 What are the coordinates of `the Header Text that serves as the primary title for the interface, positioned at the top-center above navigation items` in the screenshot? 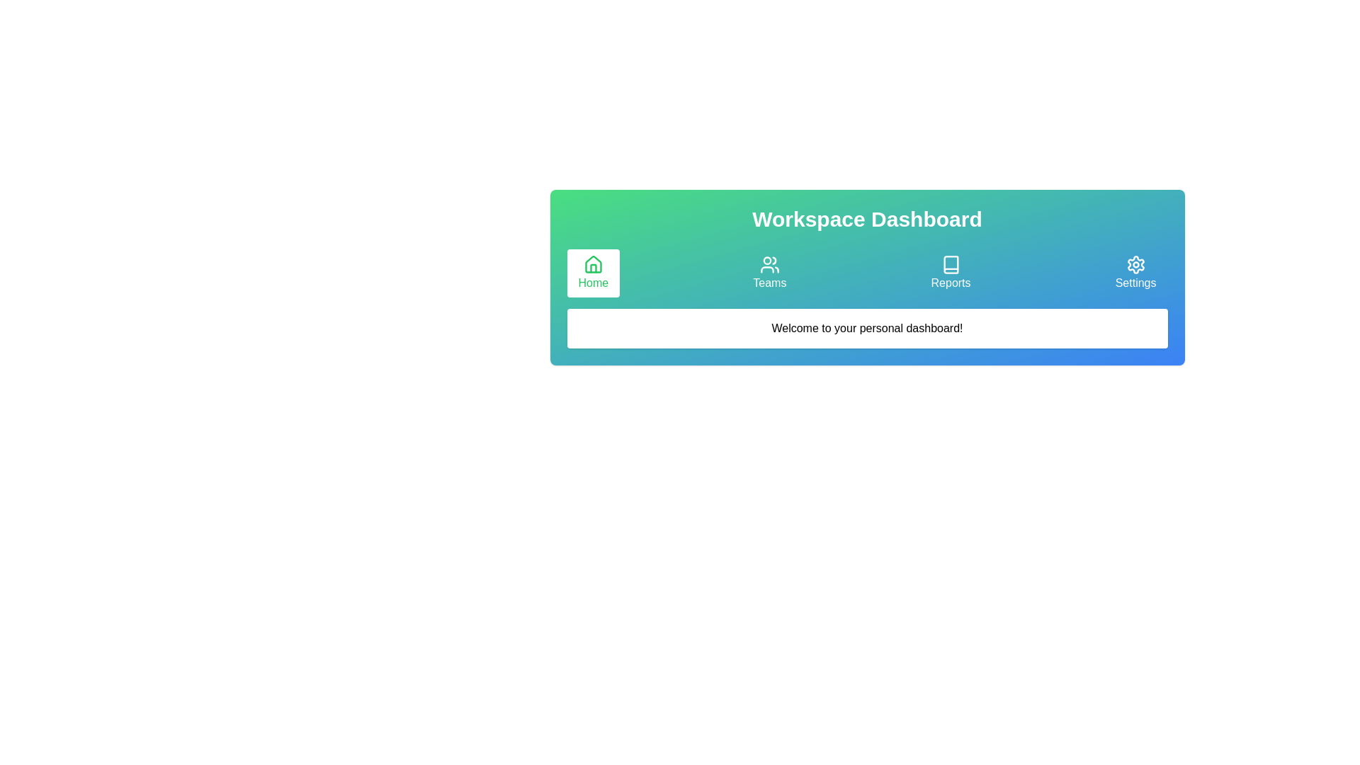 It's located at (866, 219).